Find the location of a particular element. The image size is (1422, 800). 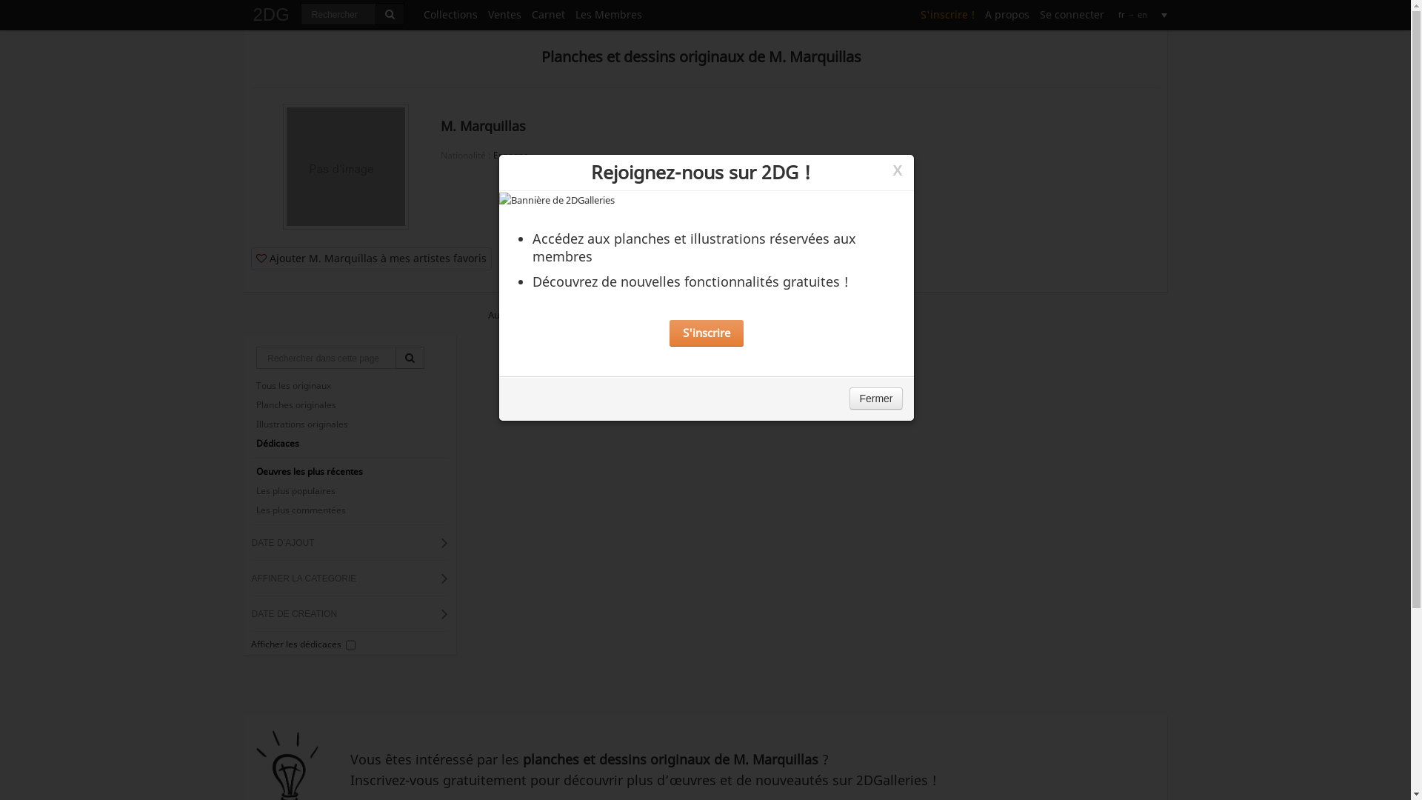

'Rechercher sur tout le site' is located at coordinates (390, 14).